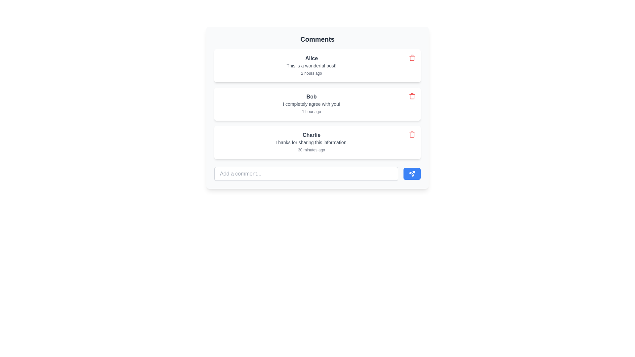 The height and width of the screenshot is (357, 635). What do you see at coordinates (311, 104) in the screenshot?
I see `text label containing the comment posted by 'Bob', which states 'I completely agree with you!'` at bounding box center [311, 104].